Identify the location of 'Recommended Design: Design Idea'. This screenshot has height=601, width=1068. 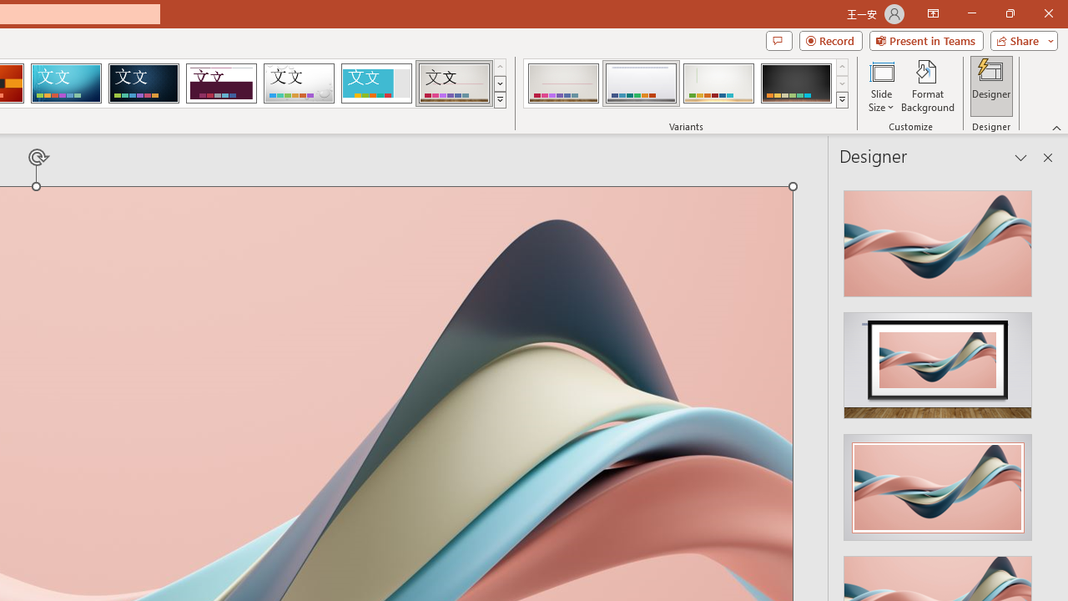
(938, 239).